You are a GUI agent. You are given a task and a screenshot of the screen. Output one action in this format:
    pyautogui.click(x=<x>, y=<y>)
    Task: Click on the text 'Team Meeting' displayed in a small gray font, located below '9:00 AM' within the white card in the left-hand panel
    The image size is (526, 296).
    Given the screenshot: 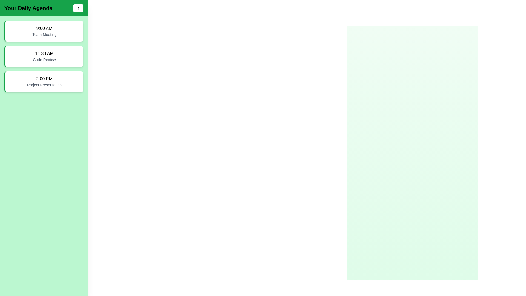 What is the action you would take?
    pyautogui.click(x=44, y=35)
    